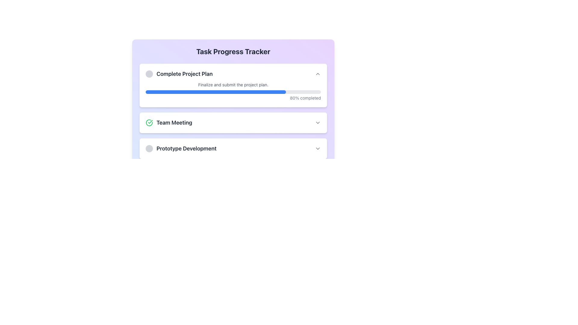  Describe the element at coordinates (150, 122) in the screenshot. I see `the checkmark symbol within the circular green-highlighted icon for the second task item labeled 'Team Meeting'` at that location.